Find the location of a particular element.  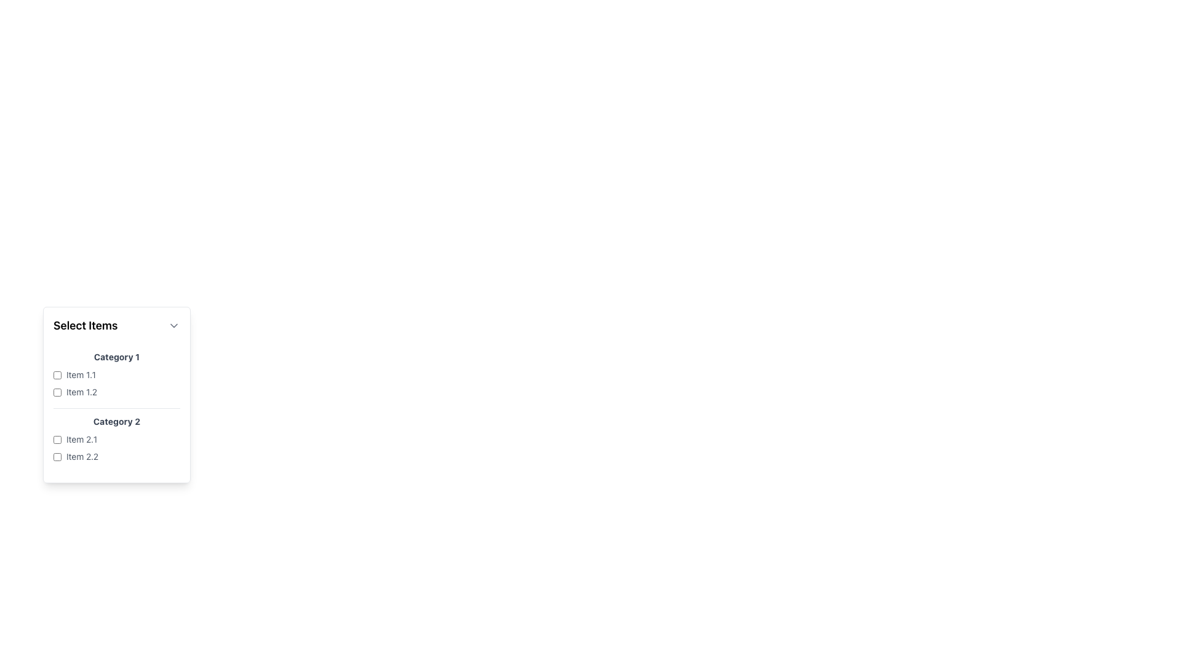

the text label displaying 'Item 1.1', which is styled in a subtle gray color and positioned to the right of its corresponding checkbox in the 'Category 1' section is located at coordinates (81, 374).